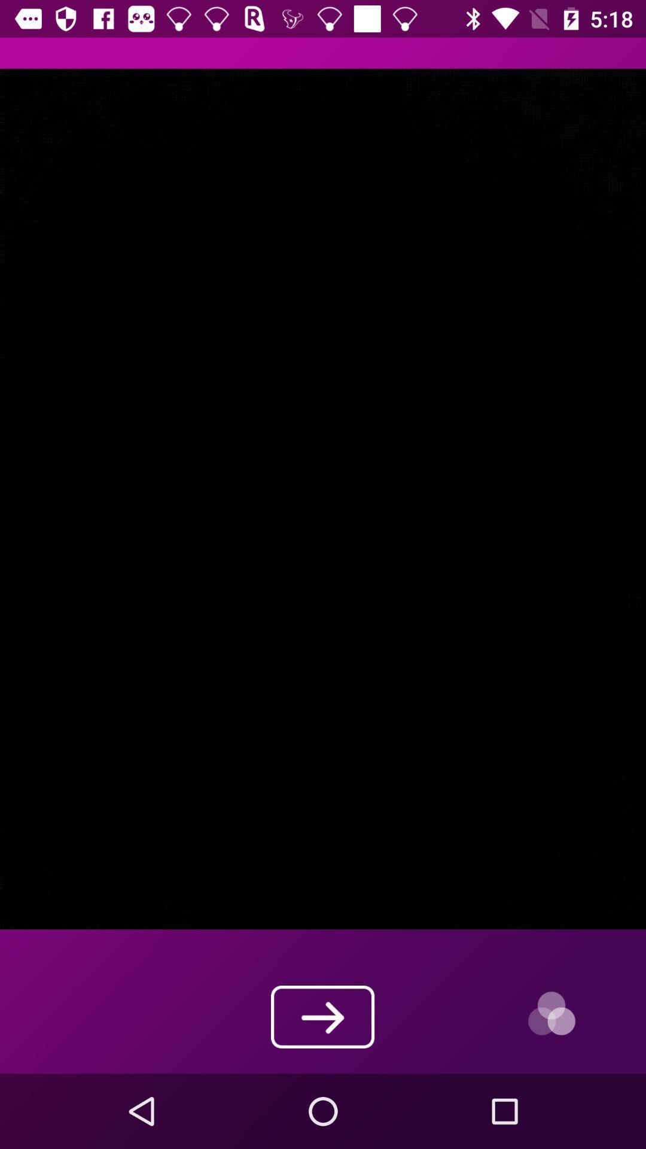 This screenshot has width=646, height=1149. I want to click on the arrow_forward icon, so click(322, 1016).